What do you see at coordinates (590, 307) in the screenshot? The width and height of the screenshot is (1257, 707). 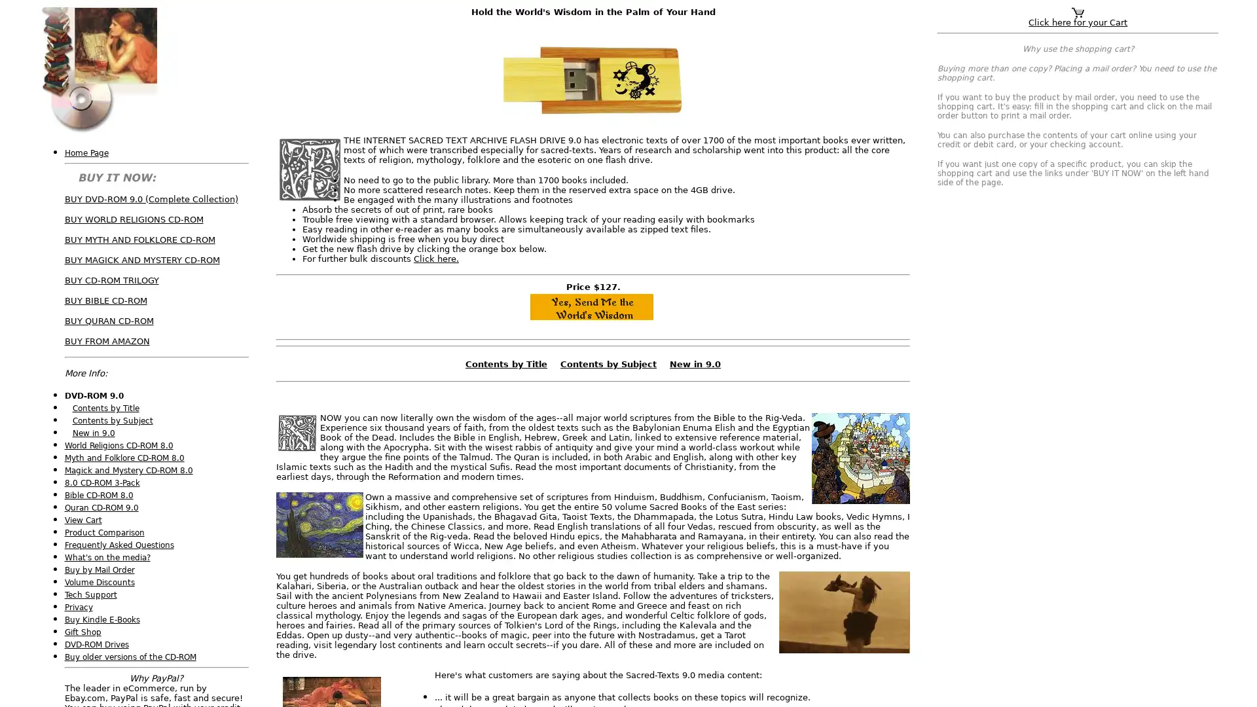 I see `PayPal - The safer, easier way to pay online!` at bounding box center [590, 307].